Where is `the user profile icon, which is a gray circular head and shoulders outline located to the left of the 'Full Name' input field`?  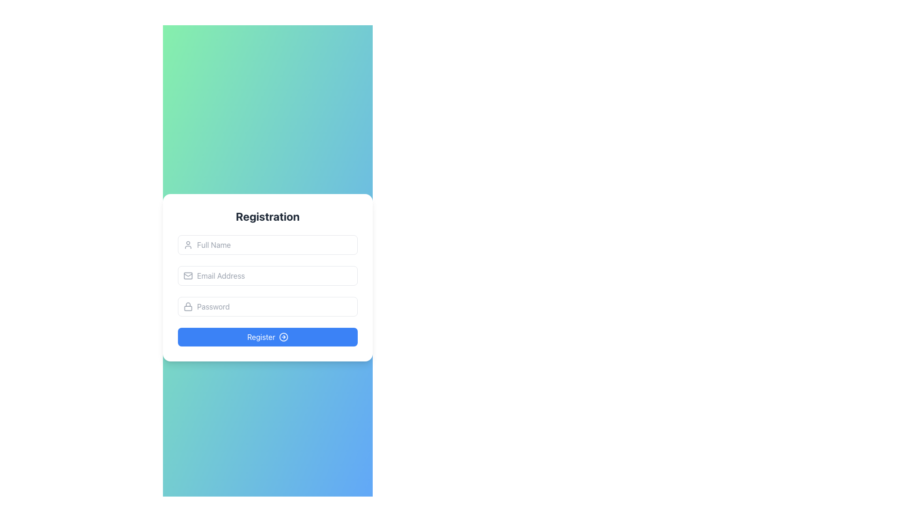
the user profile icon, which is a gray circular head and shoulders outline located to the left of the 'Full Name' input field is located at coordinates (188, 245).